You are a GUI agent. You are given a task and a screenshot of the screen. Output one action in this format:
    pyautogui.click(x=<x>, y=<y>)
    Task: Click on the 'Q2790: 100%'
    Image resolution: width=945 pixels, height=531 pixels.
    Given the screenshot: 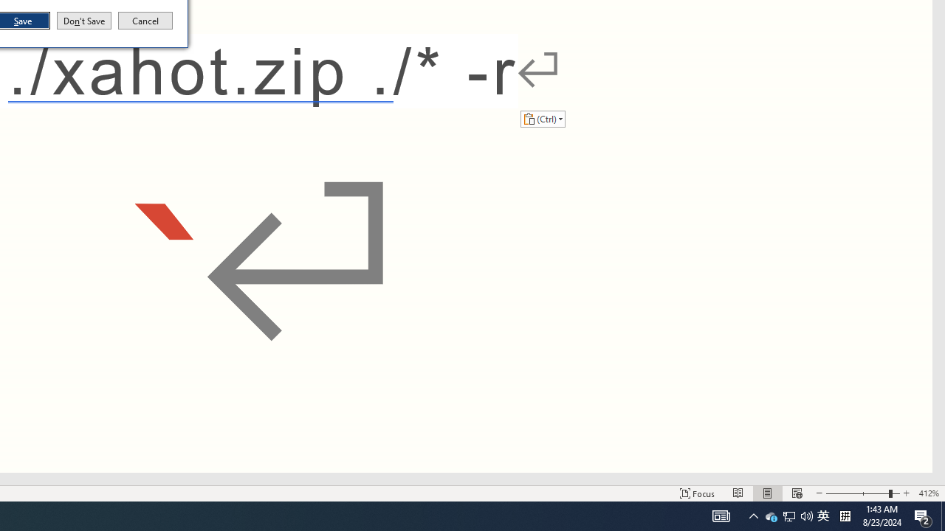 What is the action you would take?
    pyautogui.click(x=806, y=515)
    